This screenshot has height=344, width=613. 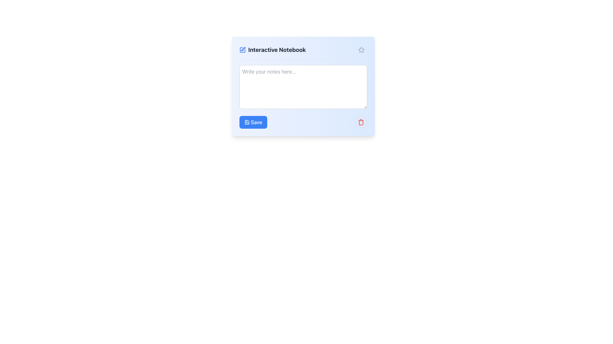 I want to click on the circular button with a red border and trashcan icon located at the bottom-right corner of the blue panel, so click(x=361, y=122).